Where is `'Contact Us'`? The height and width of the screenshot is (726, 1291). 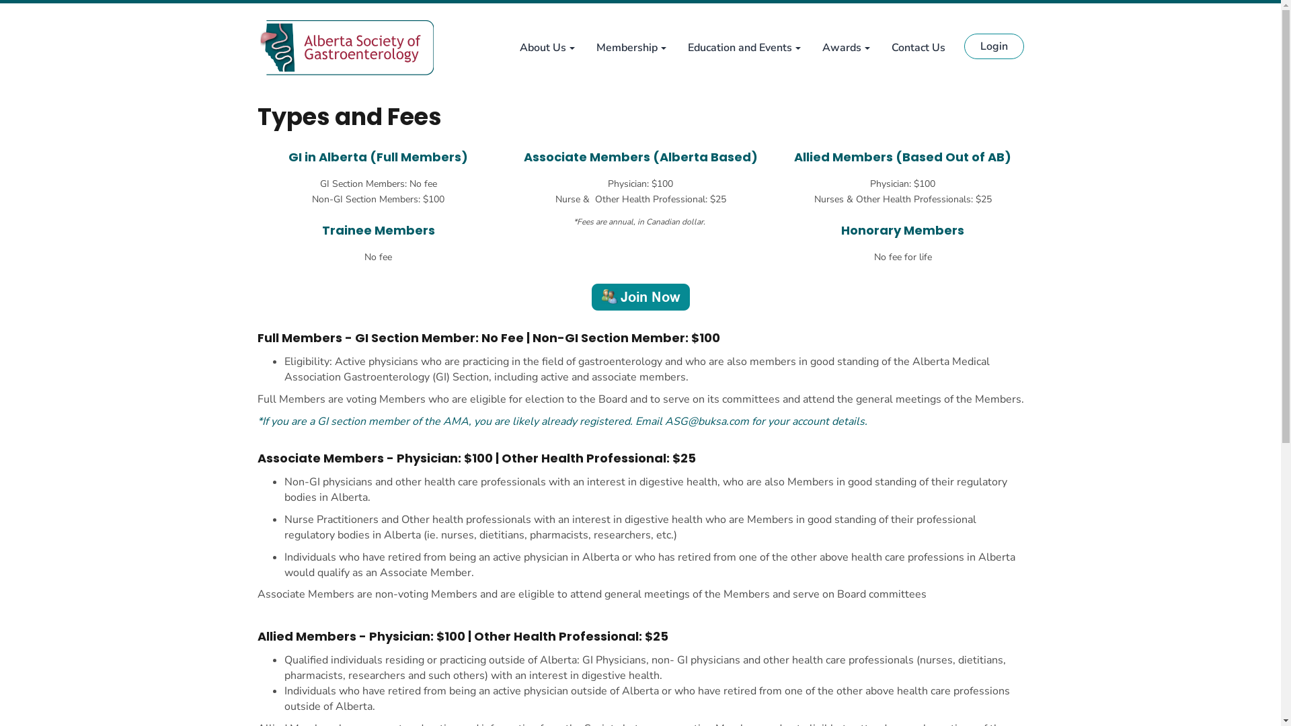
'Contact Us' is located at coordinates (881, 46).